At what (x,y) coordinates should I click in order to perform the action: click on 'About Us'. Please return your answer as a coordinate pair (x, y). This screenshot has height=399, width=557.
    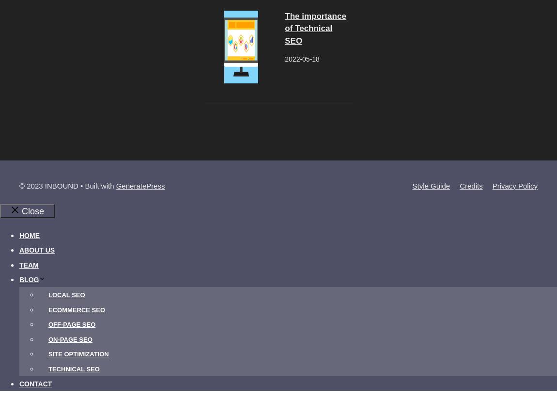
    Looking at the image, I should click on (36, 250).